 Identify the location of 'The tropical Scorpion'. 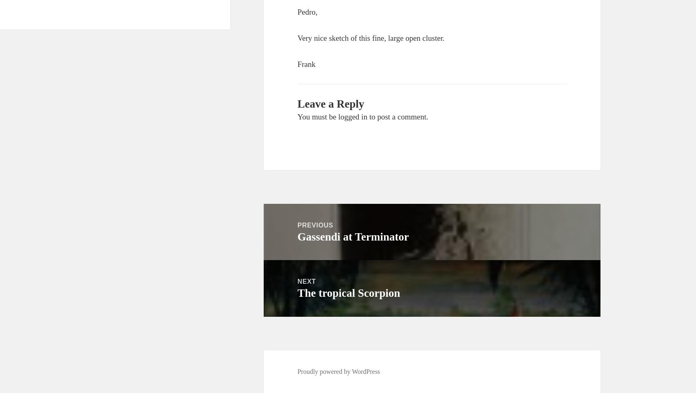
(348, 293).